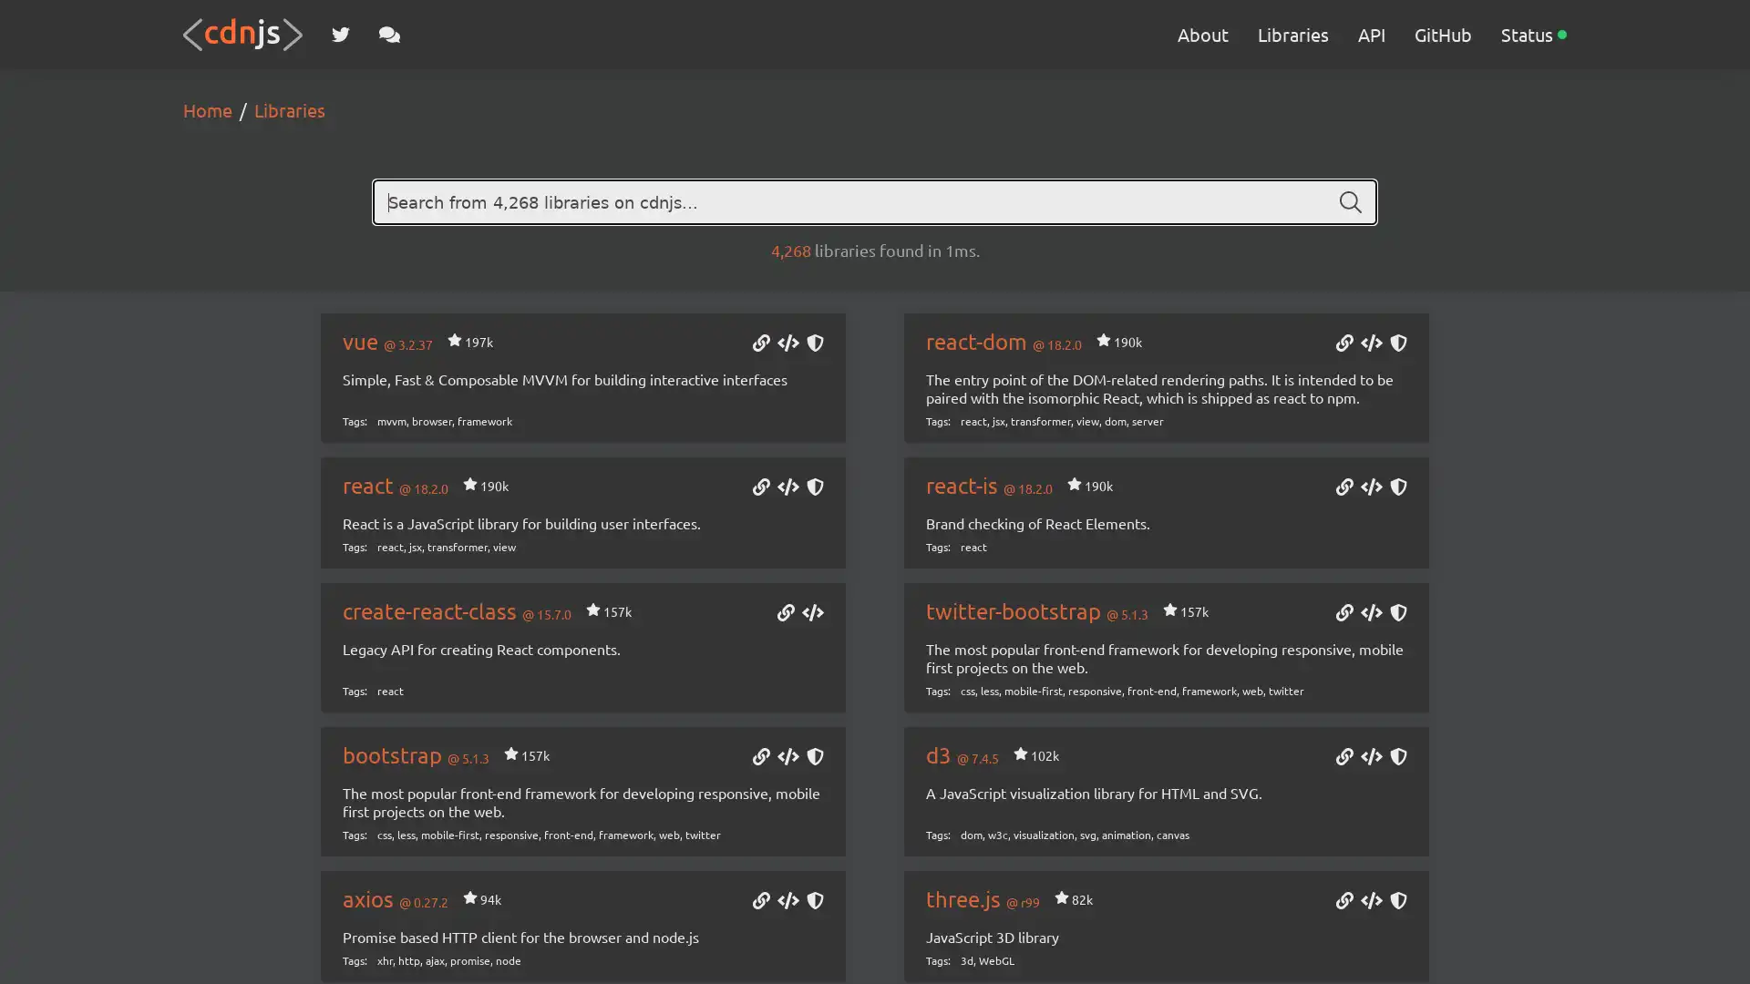 This screenshot has height=984, width=1750. What do you see at coordinates (1343, 758) in the screenshot?
I see `Copy URL` at bounding box center [1343, 758].